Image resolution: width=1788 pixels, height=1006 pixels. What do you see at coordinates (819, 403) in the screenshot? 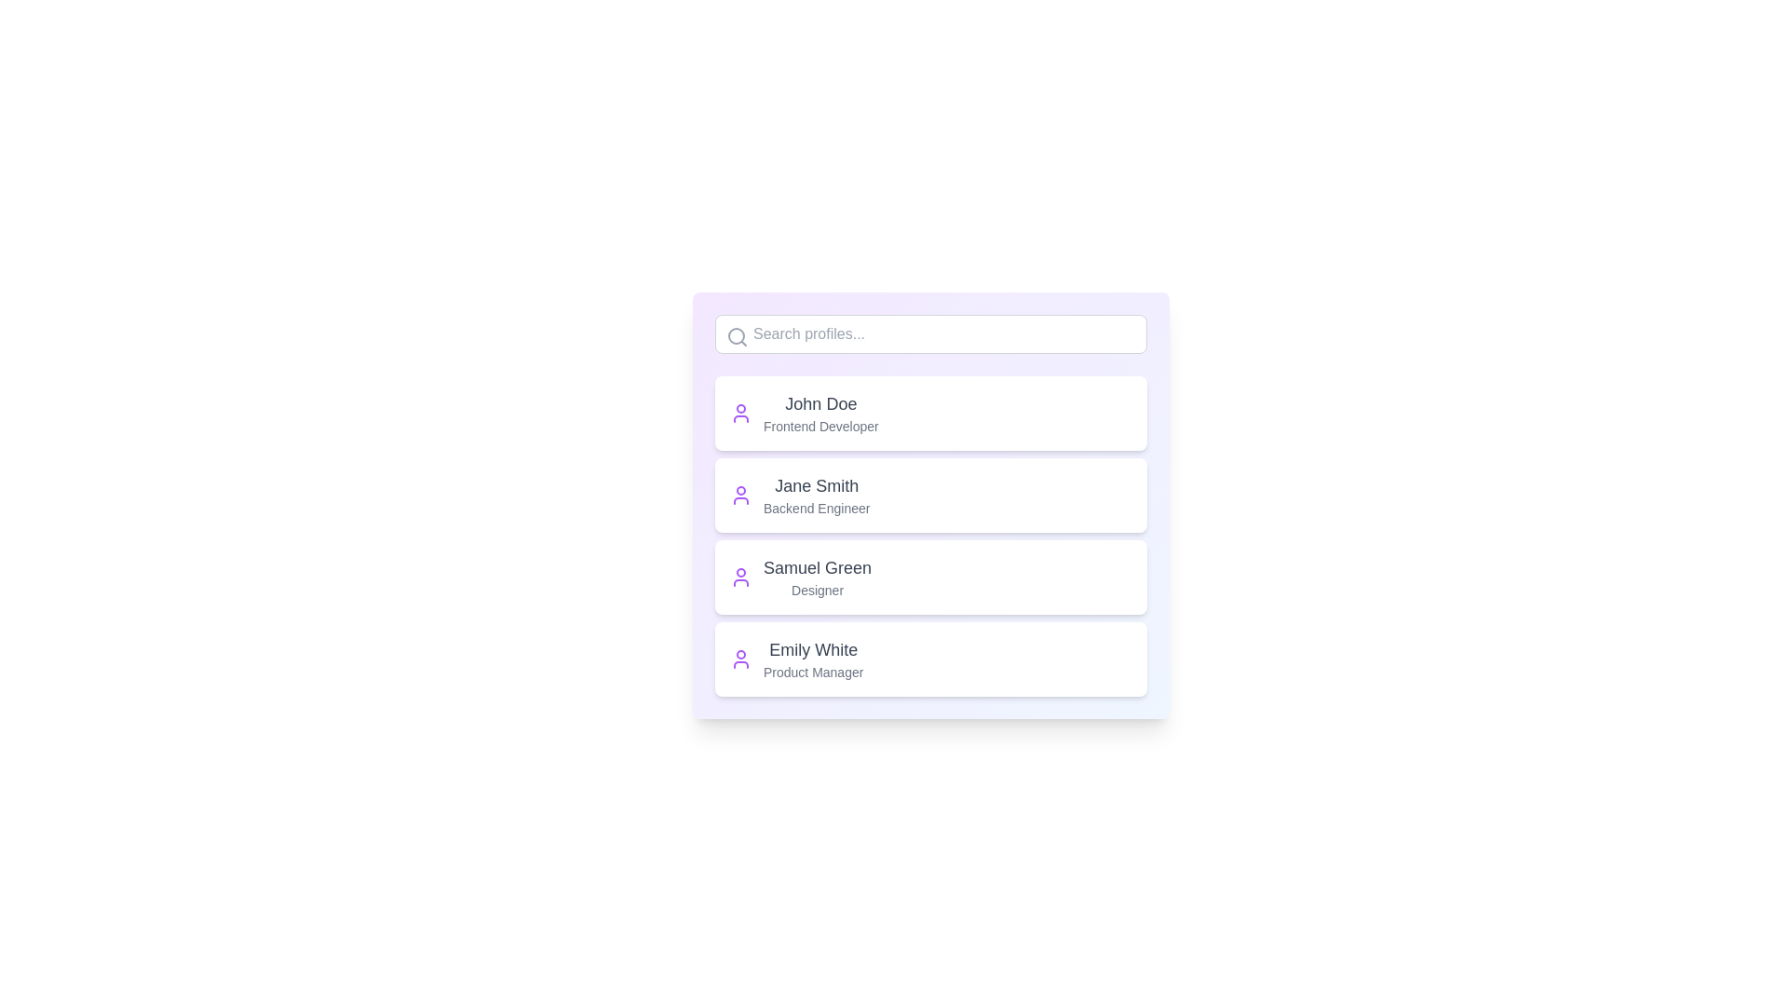
I see `the Text label displaying the name 'John Doe' located at the top left of the user profile list` at bounding box center [819, 403].